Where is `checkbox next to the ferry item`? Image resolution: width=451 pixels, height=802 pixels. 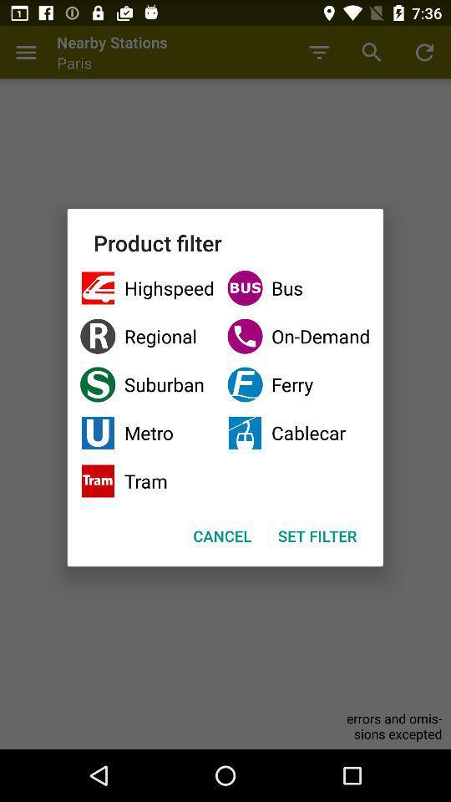 checkbox next to the ferry item is located at coordinates (147, 432).